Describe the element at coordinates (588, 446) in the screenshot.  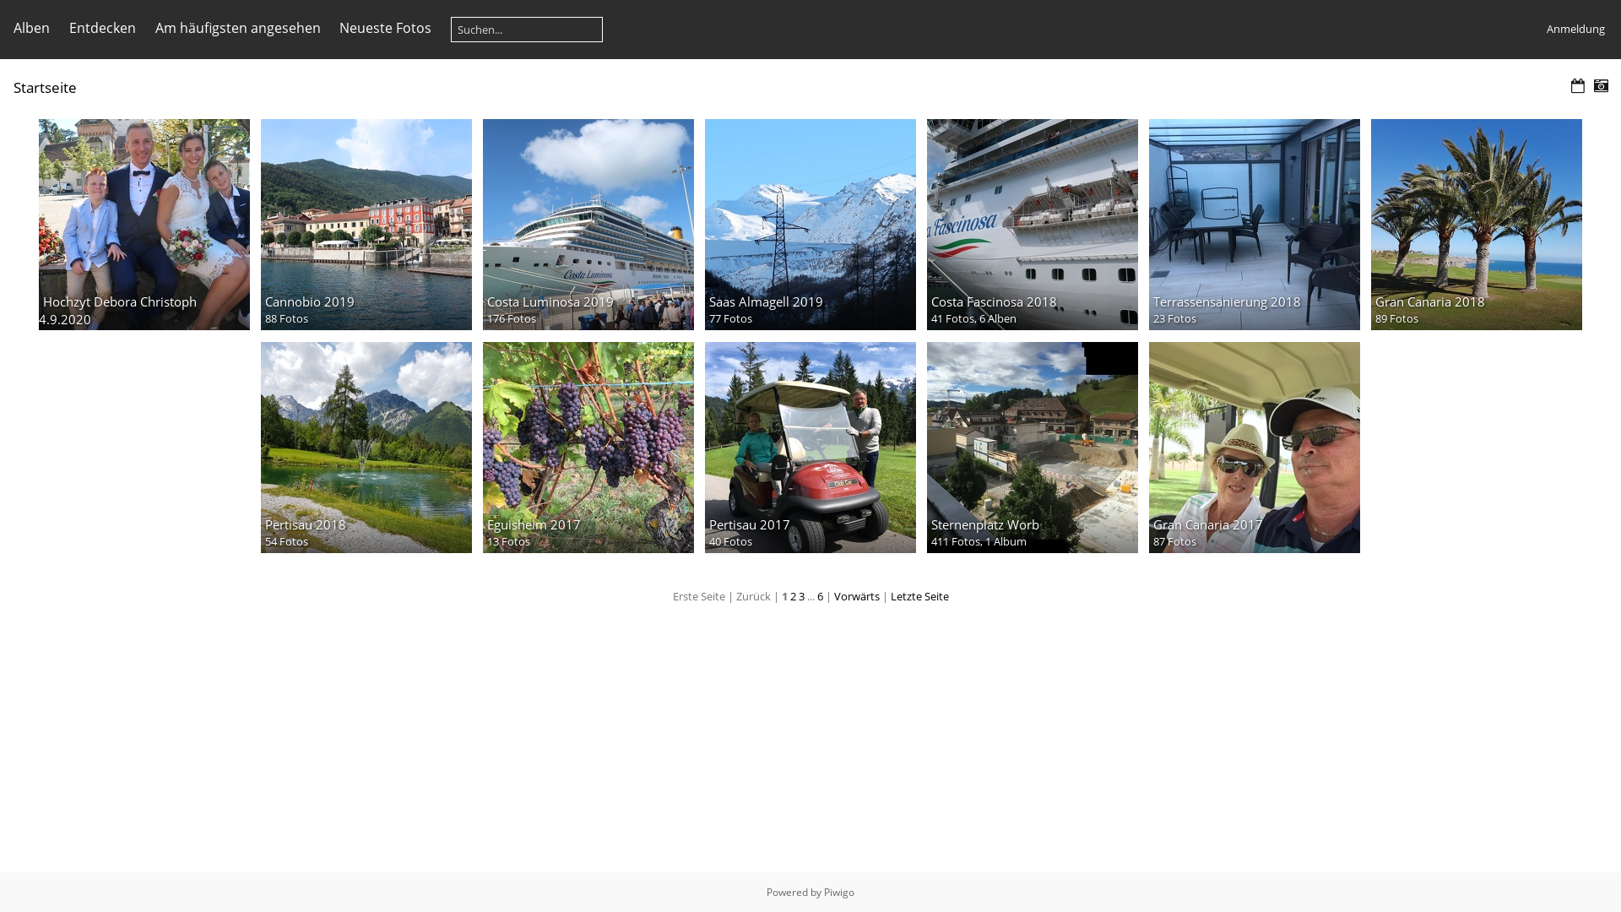
I see `'Eguisheim 2017` at that location.